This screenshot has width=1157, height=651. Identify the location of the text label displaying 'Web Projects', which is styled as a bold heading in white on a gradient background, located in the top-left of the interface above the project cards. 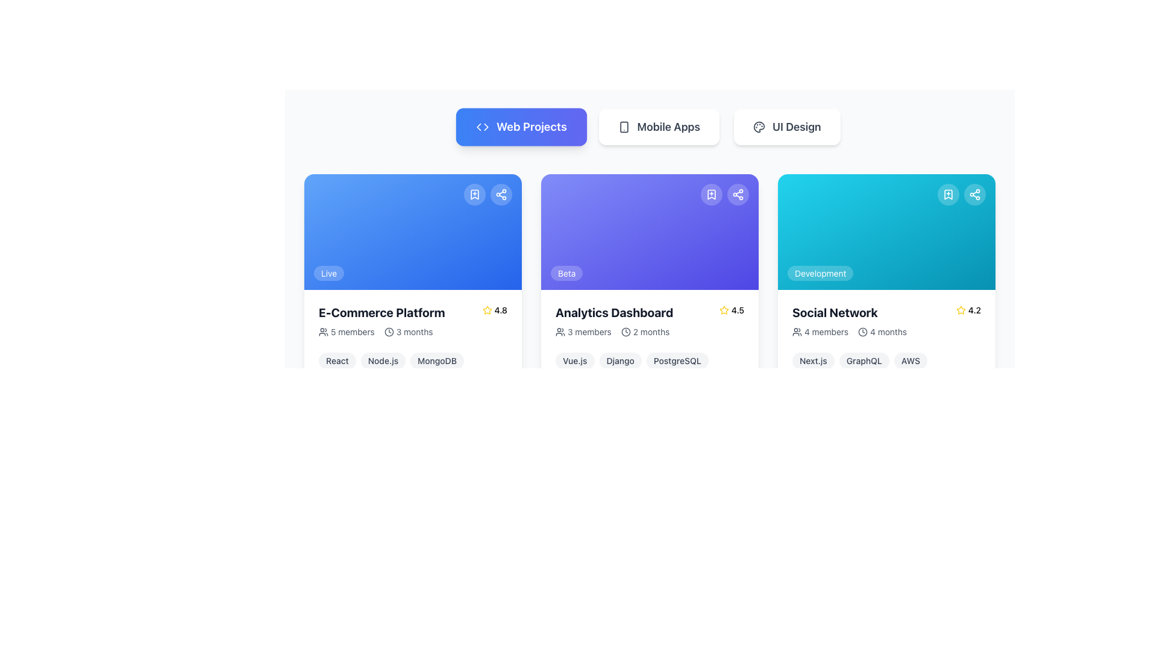
(531, 127).